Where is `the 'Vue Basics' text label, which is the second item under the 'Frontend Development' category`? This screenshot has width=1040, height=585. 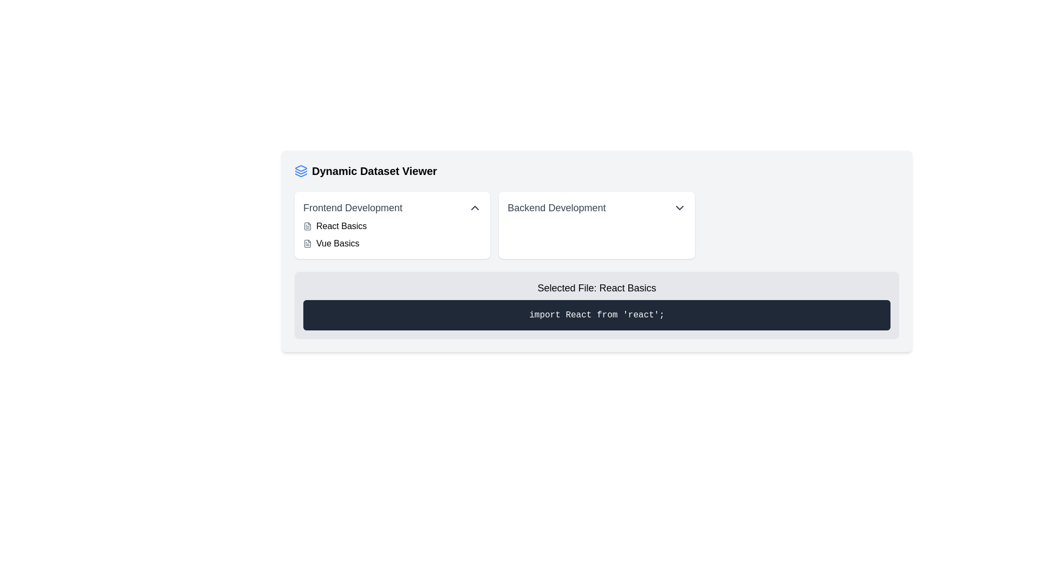
the 'Vue Basics' text label, which is the second item under the 'Frontend Development' category is located at coordinates (337, 244).